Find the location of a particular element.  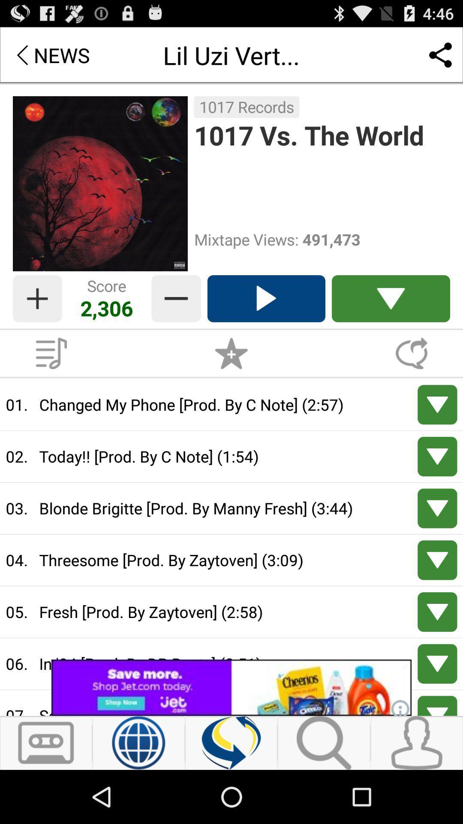

option is located at coordinates (266, 299).